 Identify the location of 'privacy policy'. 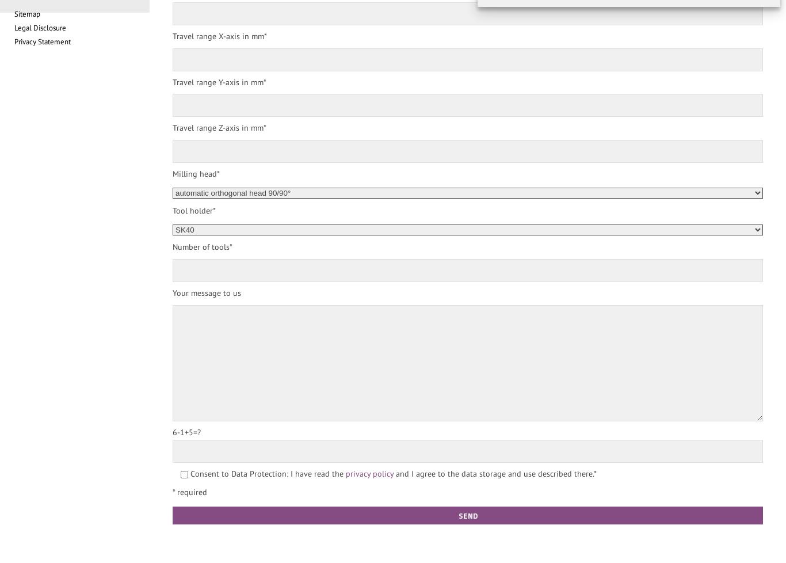
(369, 473).